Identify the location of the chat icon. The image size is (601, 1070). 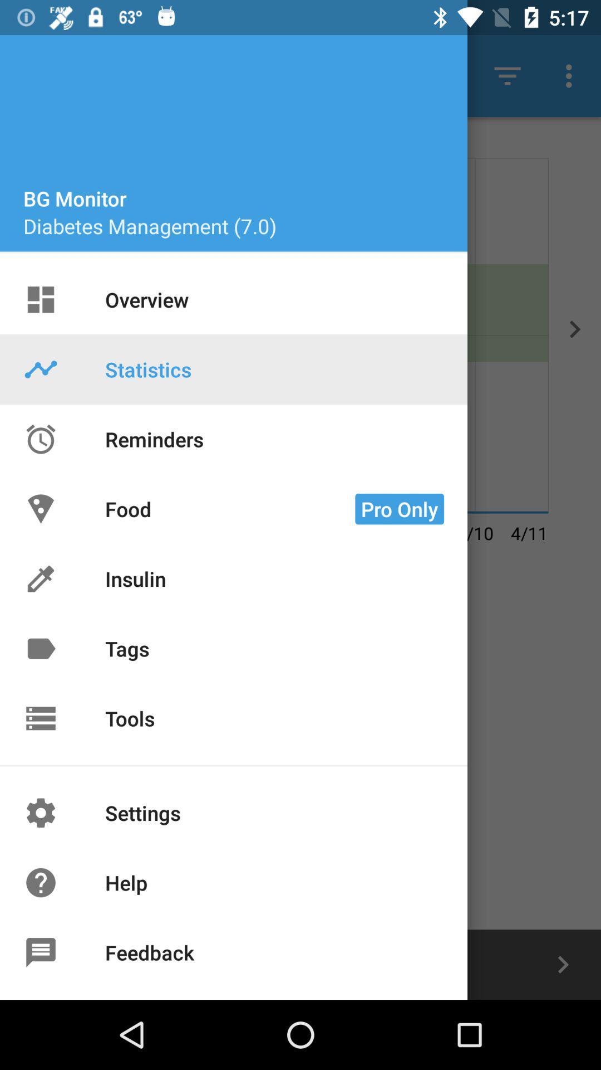
(37, 964).